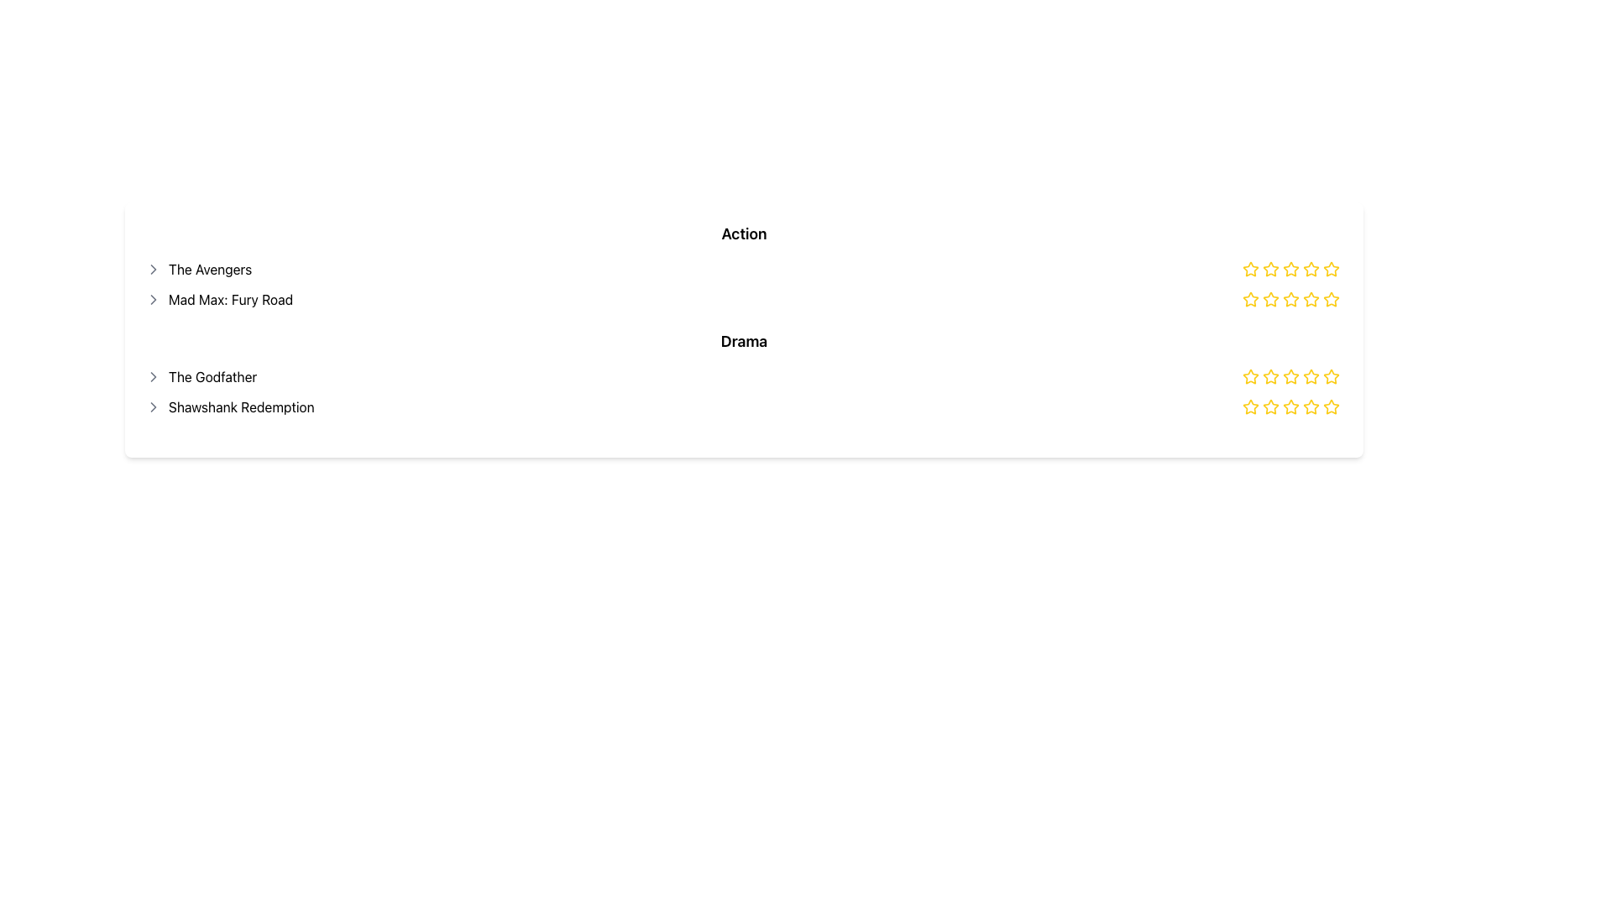 Image resolution: width=1612 pixels, height=907 pixels. What do you see at coordinates (228, 407) in the screenshot?
I see `the text label reading 'Shawshank Redemption' located in the 'Drama' category beneath 'The Godfather' to highlight the information` at bounding box center [228, 407].